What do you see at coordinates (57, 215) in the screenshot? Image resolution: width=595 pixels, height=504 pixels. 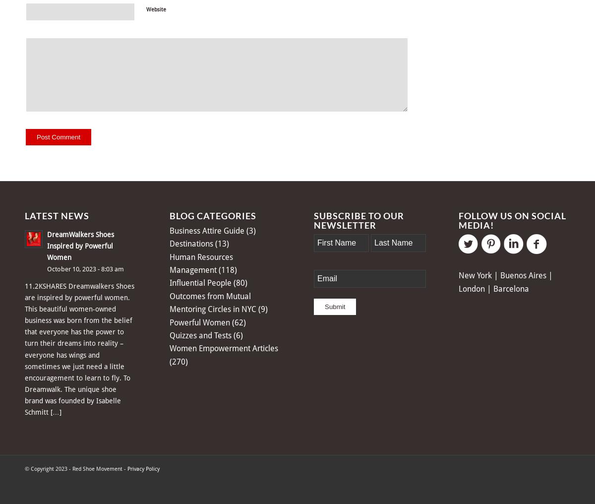 I see `'Latest News'` at bounding box center [57, 215].